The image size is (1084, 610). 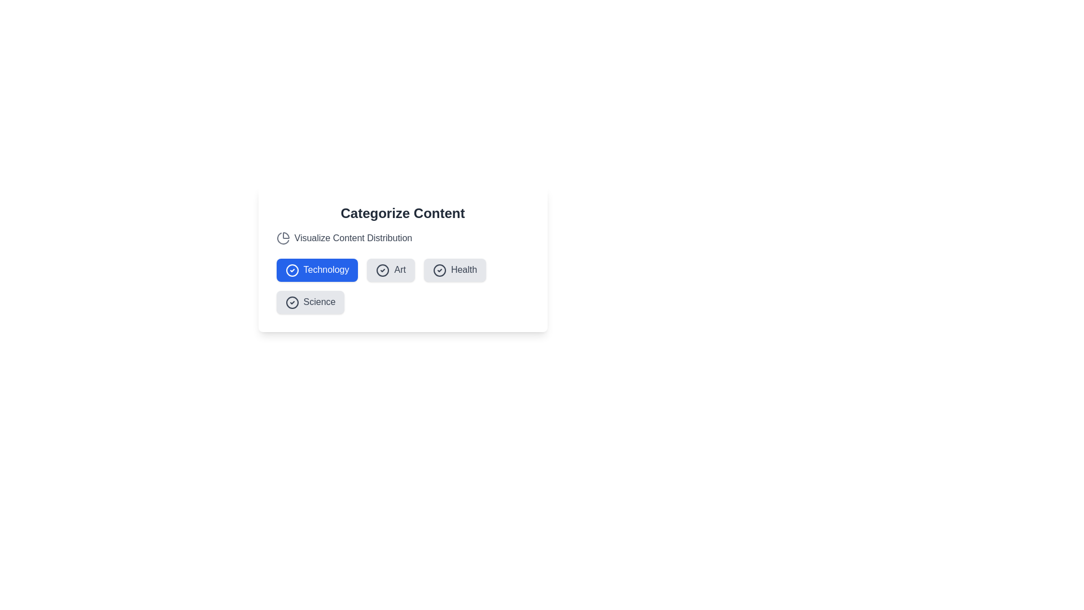 What do you see at coordinates (391, 270) in the screenshot?
I see `the Art button to view its hover effect` at bounding box center [391, 270].